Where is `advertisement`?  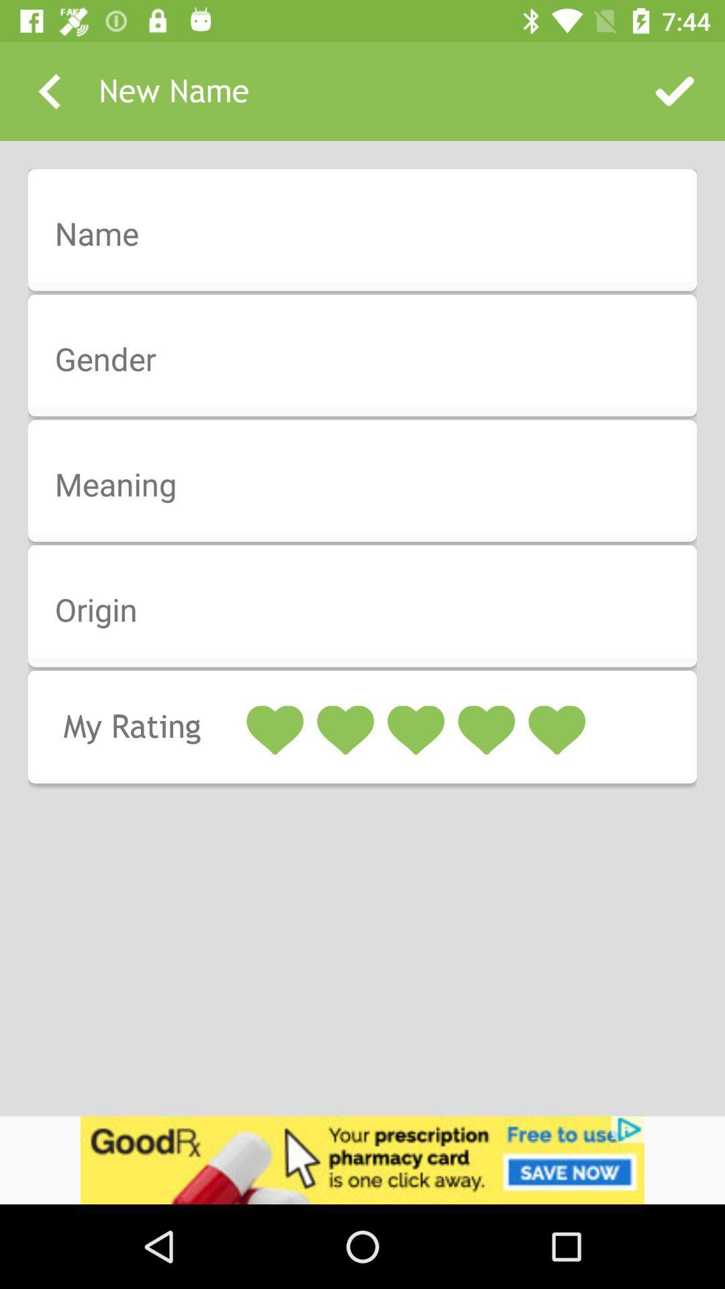 advertisement is located at coordinates (362, 1159).